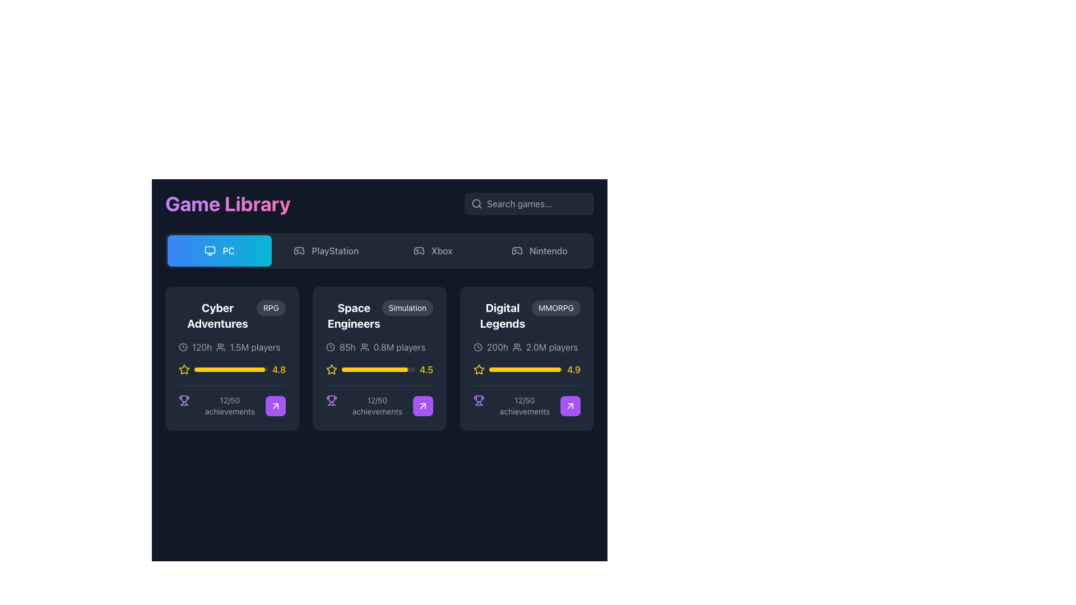  What do you see at coordinates (202, 347) in the screenshot?
I see `the Text Label that displays the approximate total time spent or required for the associated game, located next to a clock icon and to the left of the '1.5M players' text in the second row of the leftmost card` at bounding box center [202, 347].